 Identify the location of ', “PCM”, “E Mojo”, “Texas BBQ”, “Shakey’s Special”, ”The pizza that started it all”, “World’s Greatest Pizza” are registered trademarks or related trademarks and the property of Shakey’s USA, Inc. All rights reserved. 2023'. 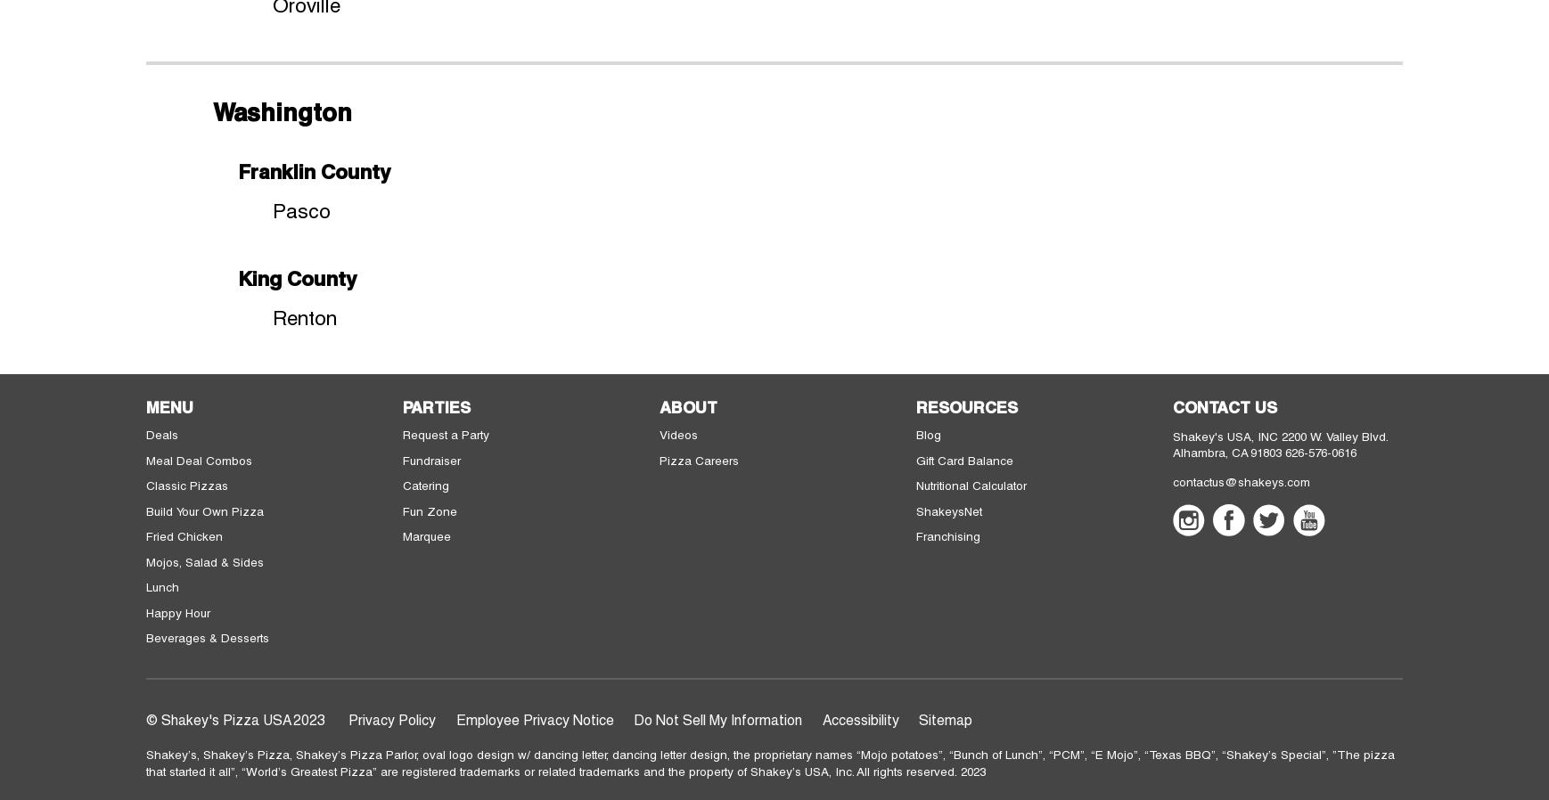
(770, 763).